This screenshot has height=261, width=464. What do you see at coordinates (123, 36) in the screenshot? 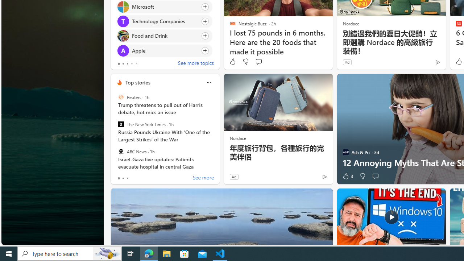
I see `'Food and Drink'` at bounding box center [123, 36].